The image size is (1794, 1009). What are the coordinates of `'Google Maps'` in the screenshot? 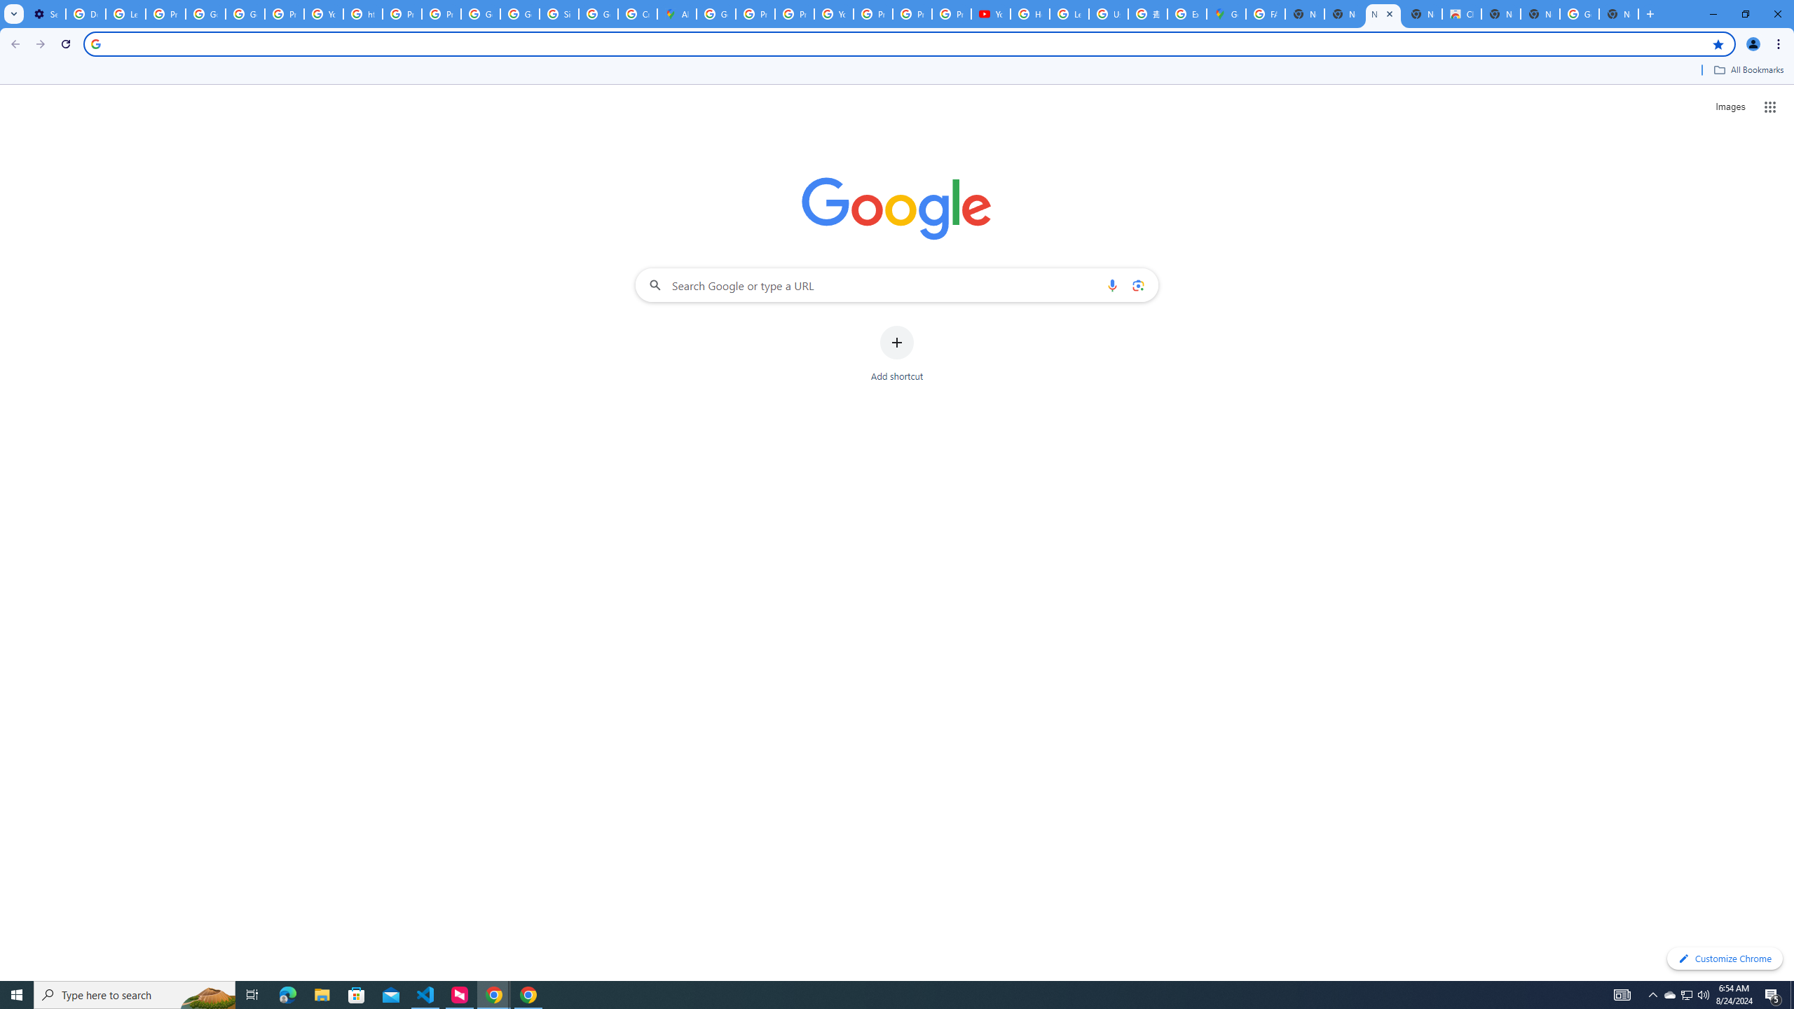 It's located at (1225, 13).